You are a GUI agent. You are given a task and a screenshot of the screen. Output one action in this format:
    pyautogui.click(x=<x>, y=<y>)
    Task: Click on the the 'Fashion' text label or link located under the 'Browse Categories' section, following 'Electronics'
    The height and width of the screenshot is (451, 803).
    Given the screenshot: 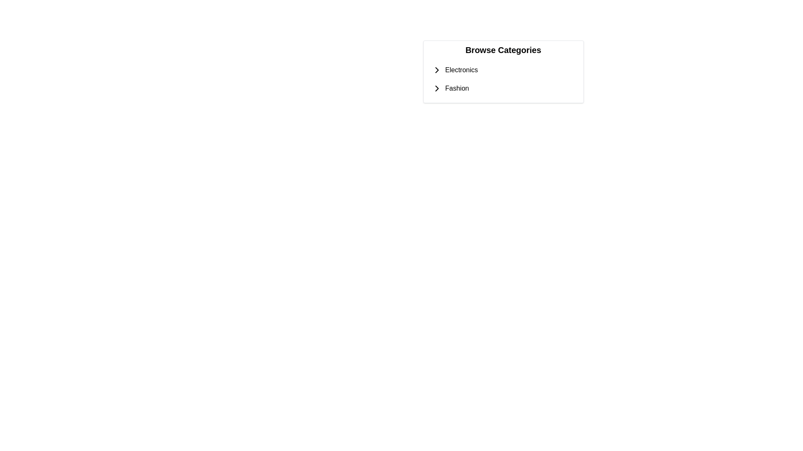 What is the action you would take?
    pyautogui.click(x=457, y=89)
    